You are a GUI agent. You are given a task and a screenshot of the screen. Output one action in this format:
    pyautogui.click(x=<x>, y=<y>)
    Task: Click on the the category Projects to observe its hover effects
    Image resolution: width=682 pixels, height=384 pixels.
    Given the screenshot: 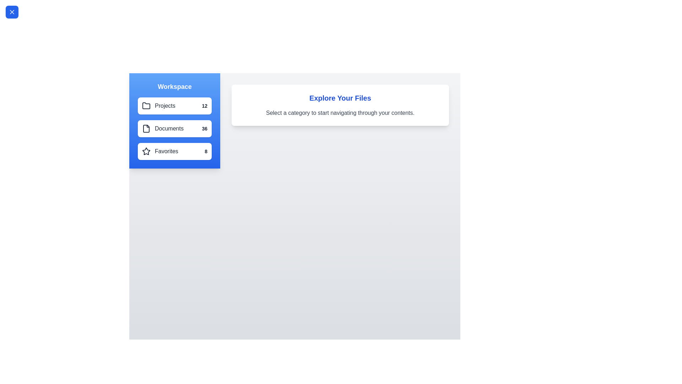 What is the action you would take?
    pyautogui.click(x=174, y=106)
    